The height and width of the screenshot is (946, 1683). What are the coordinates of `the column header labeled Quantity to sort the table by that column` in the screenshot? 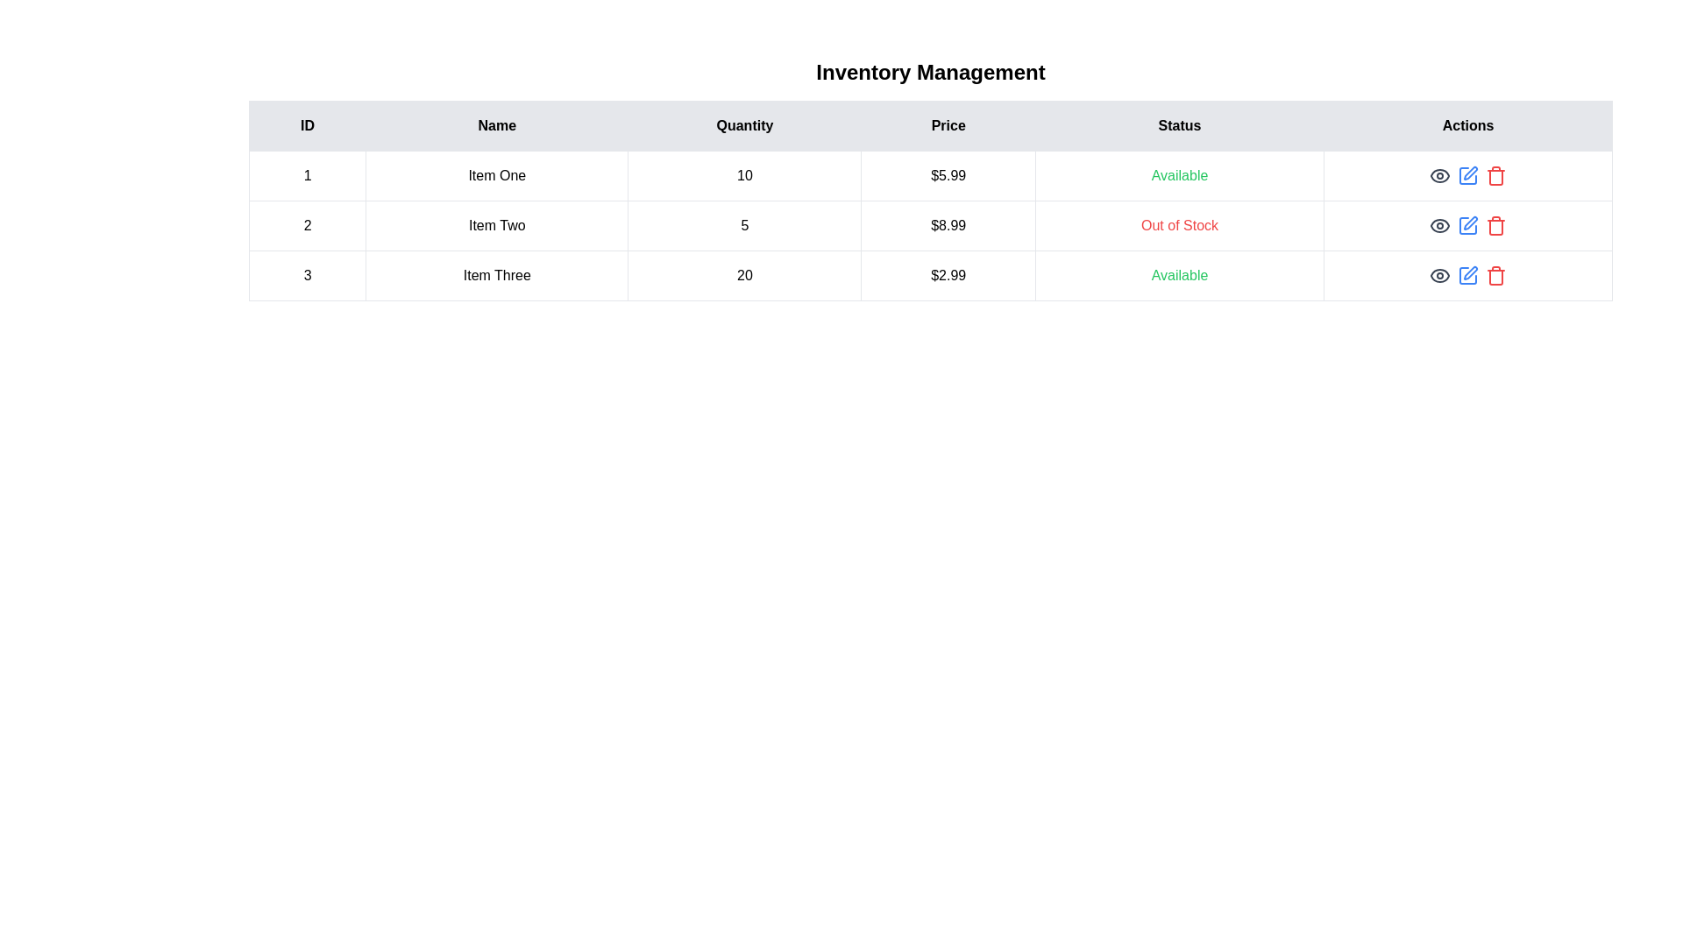 It's located at (744, 124).